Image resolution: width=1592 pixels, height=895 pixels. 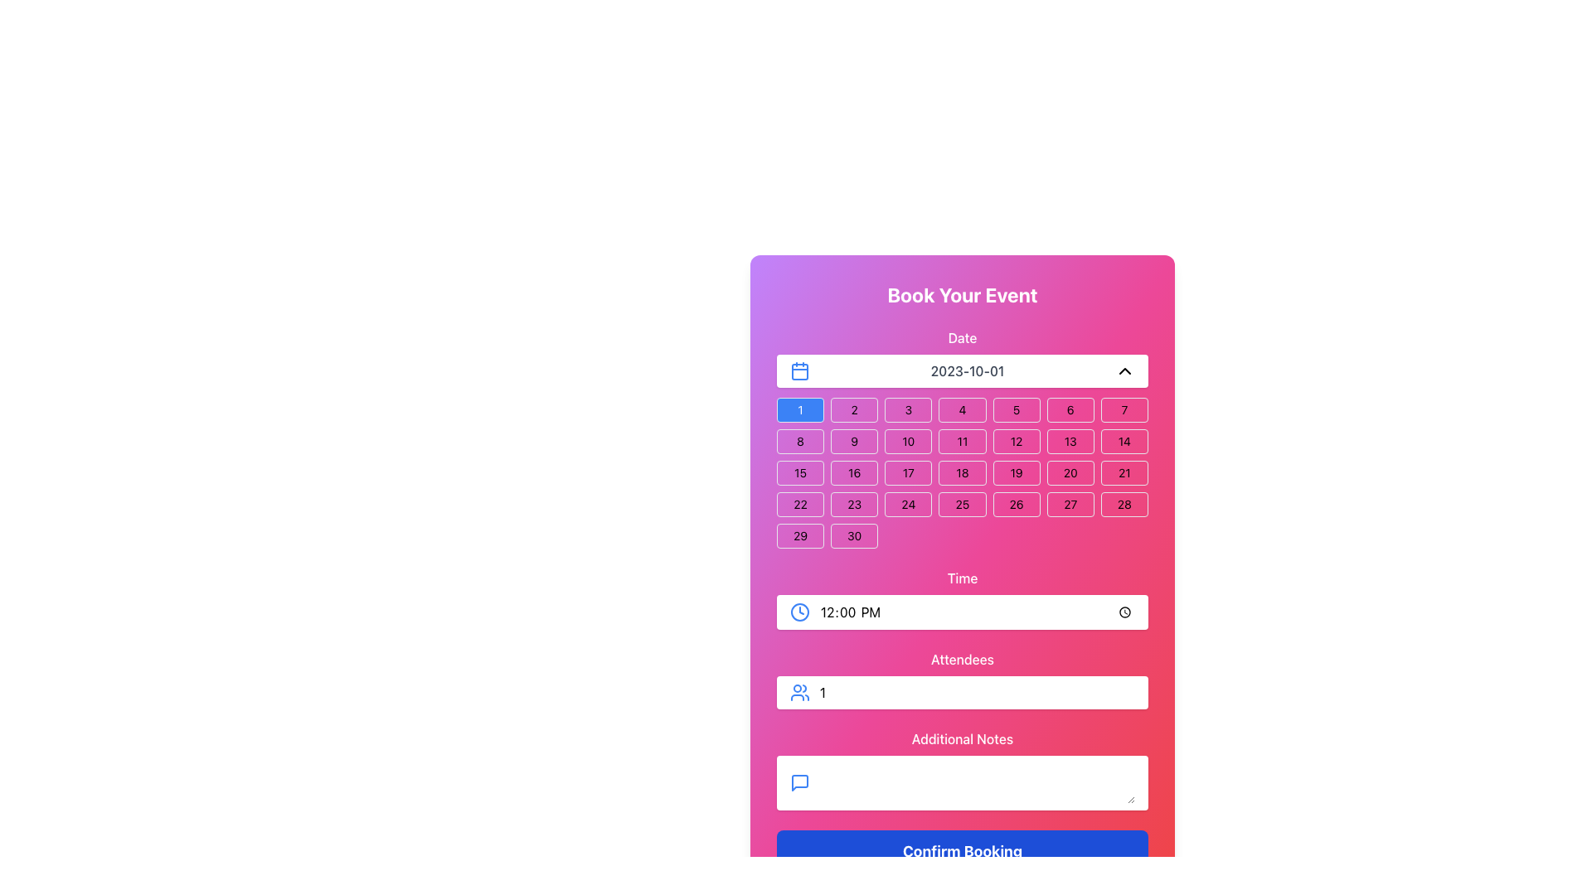 What do you see at coordinates (963, 437) in the screenshot?
I see `the interactive calendar grid cell containing the date '11', which is located in the third row of the calendar grid` at bounding box center [963, 437].